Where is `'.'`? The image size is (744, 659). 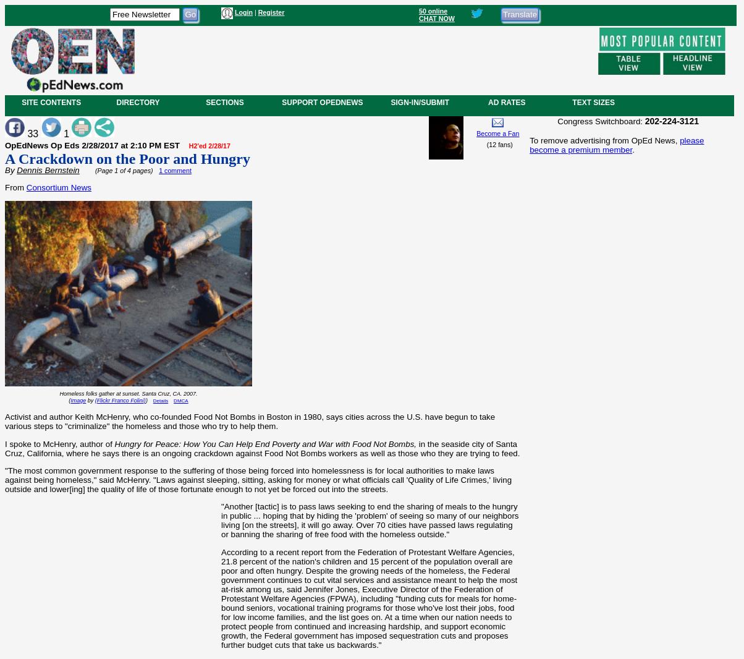
'.' is located at coordinates (633, 148).